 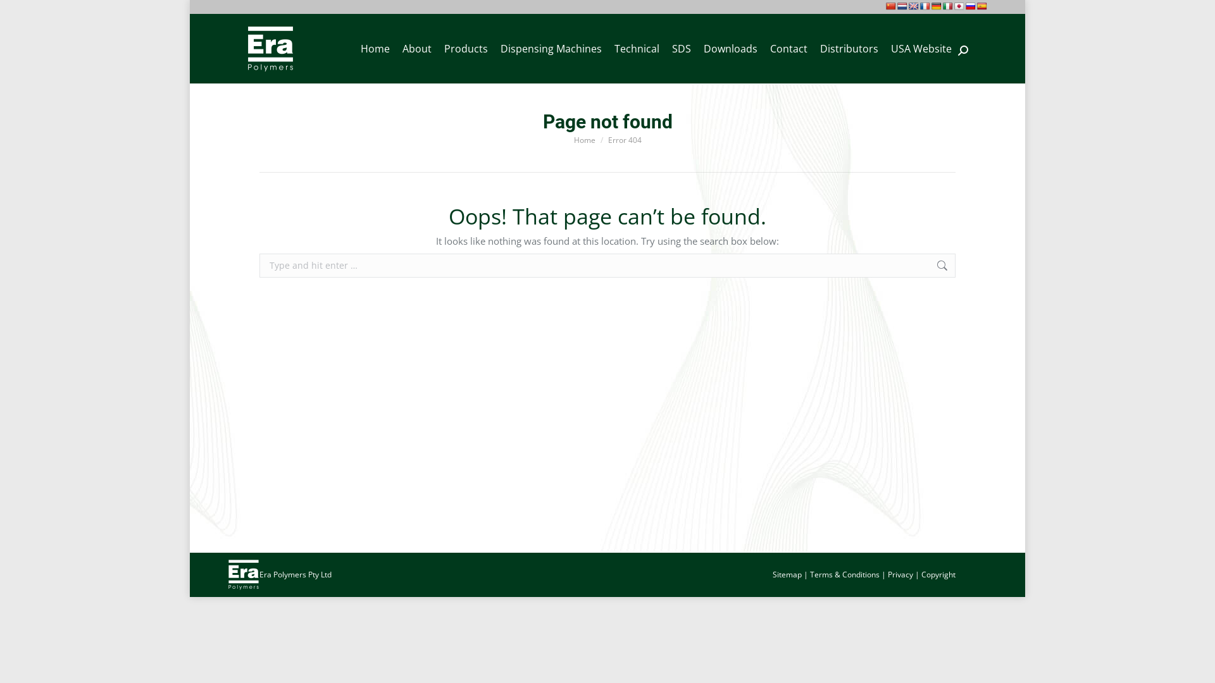 What do you see at coordinates (885, 6) in the screenshot?
I see `'Chinese (Simplified)'` at bounding box center [885, 6].